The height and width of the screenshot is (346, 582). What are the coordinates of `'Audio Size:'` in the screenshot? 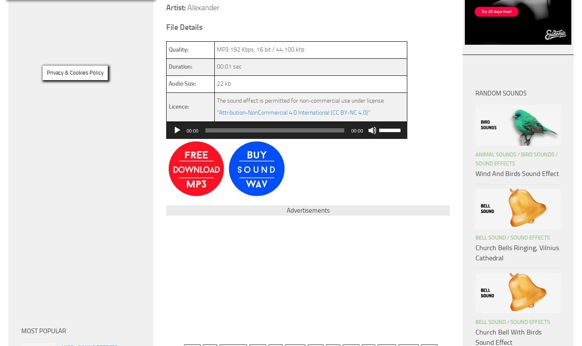 It's located at (182, 83).